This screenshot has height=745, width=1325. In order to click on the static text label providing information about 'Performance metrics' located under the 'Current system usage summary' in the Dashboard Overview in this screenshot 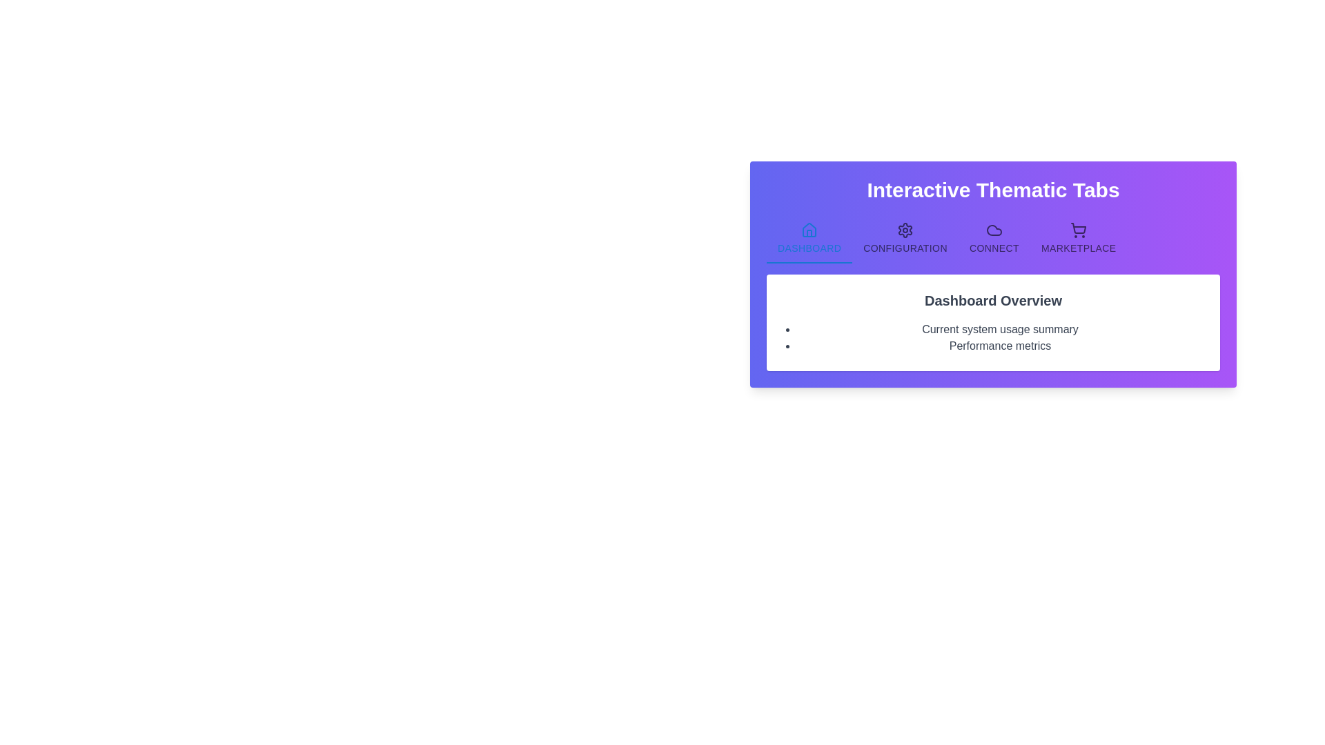, I will do `click(1000, 345)`.